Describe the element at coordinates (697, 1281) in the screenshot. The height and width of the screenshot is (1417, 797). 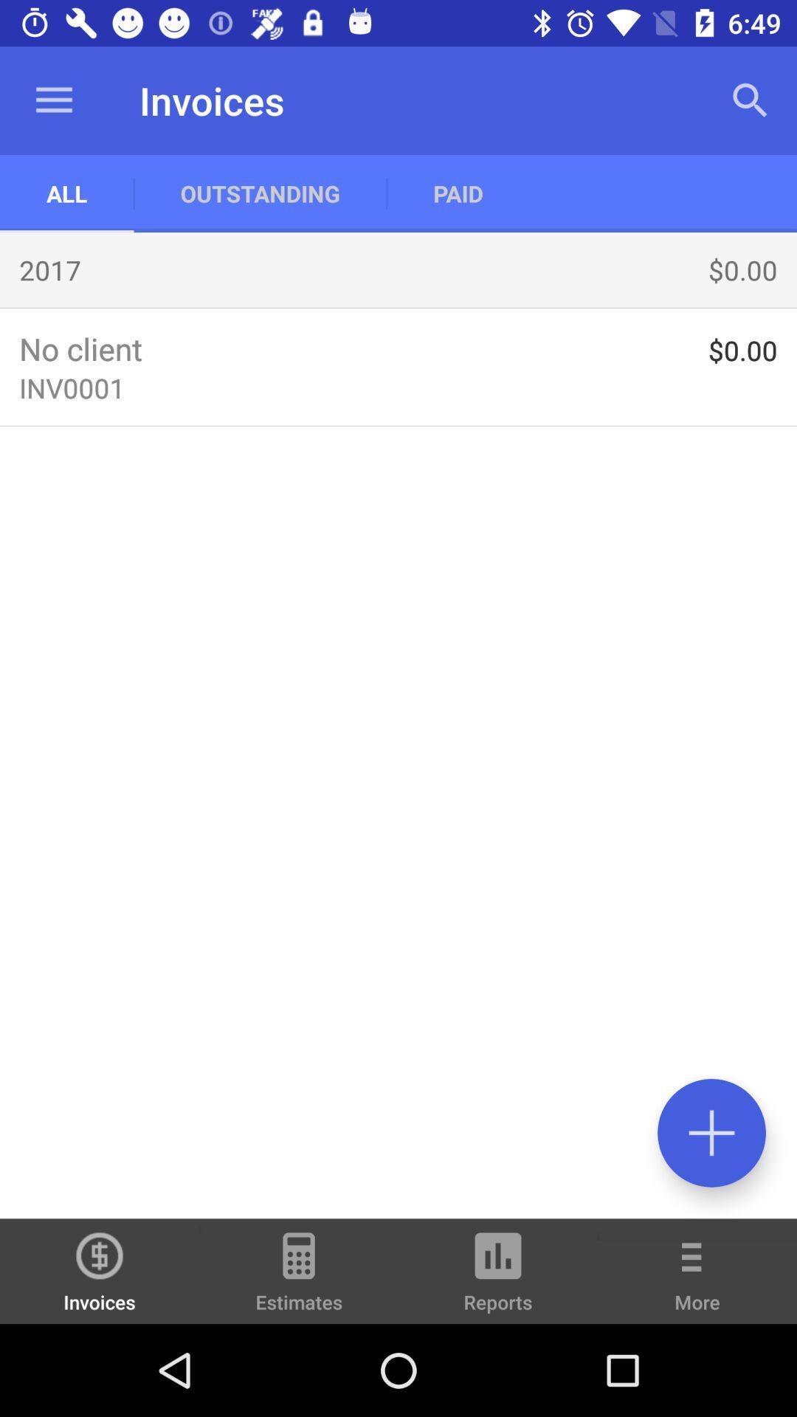
I see `more item` at that location.